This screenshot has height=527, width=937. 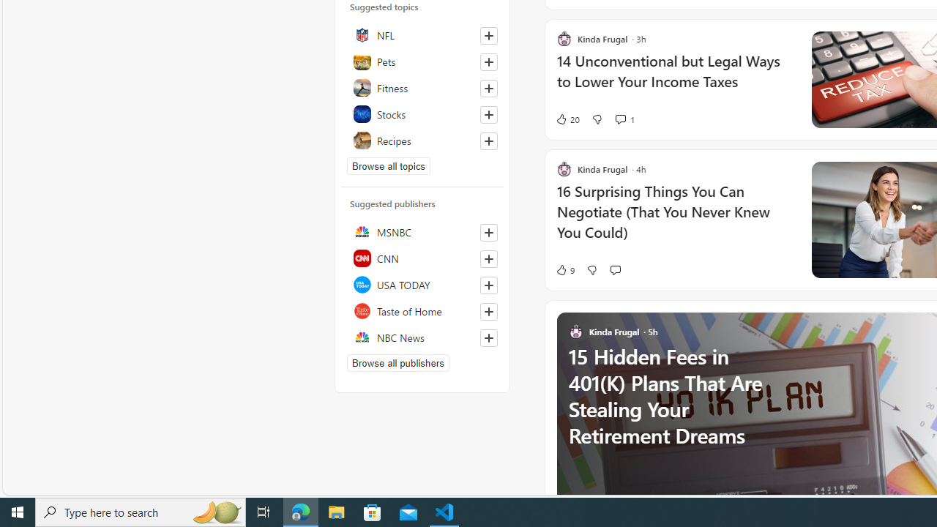 I want to click on 'View comments 1 Comment', so click(x=624, y=119).